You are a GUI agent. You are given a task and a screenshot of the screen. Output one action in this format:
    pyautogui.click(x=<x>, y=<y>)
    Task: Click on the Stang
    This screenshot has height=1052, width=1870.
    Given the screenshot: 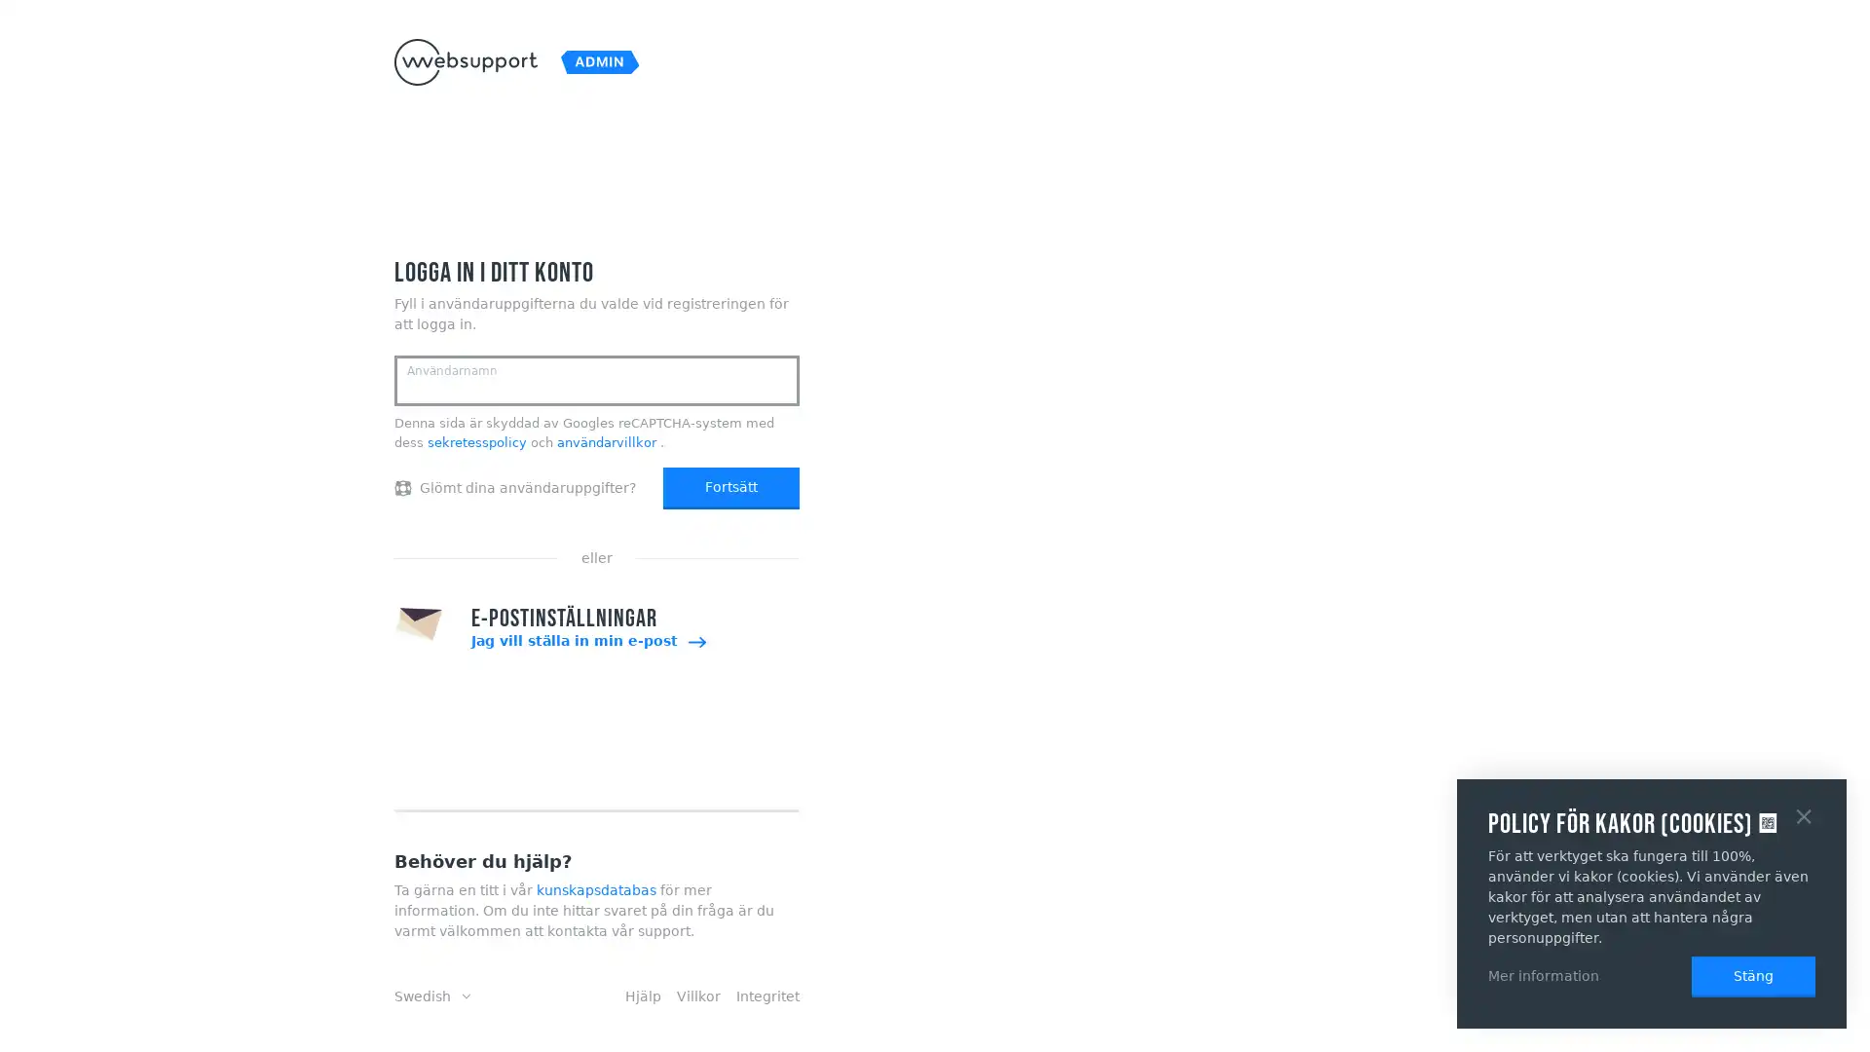 What is the action you would take?
    pyautogui.click(x=1753, y=976)
    